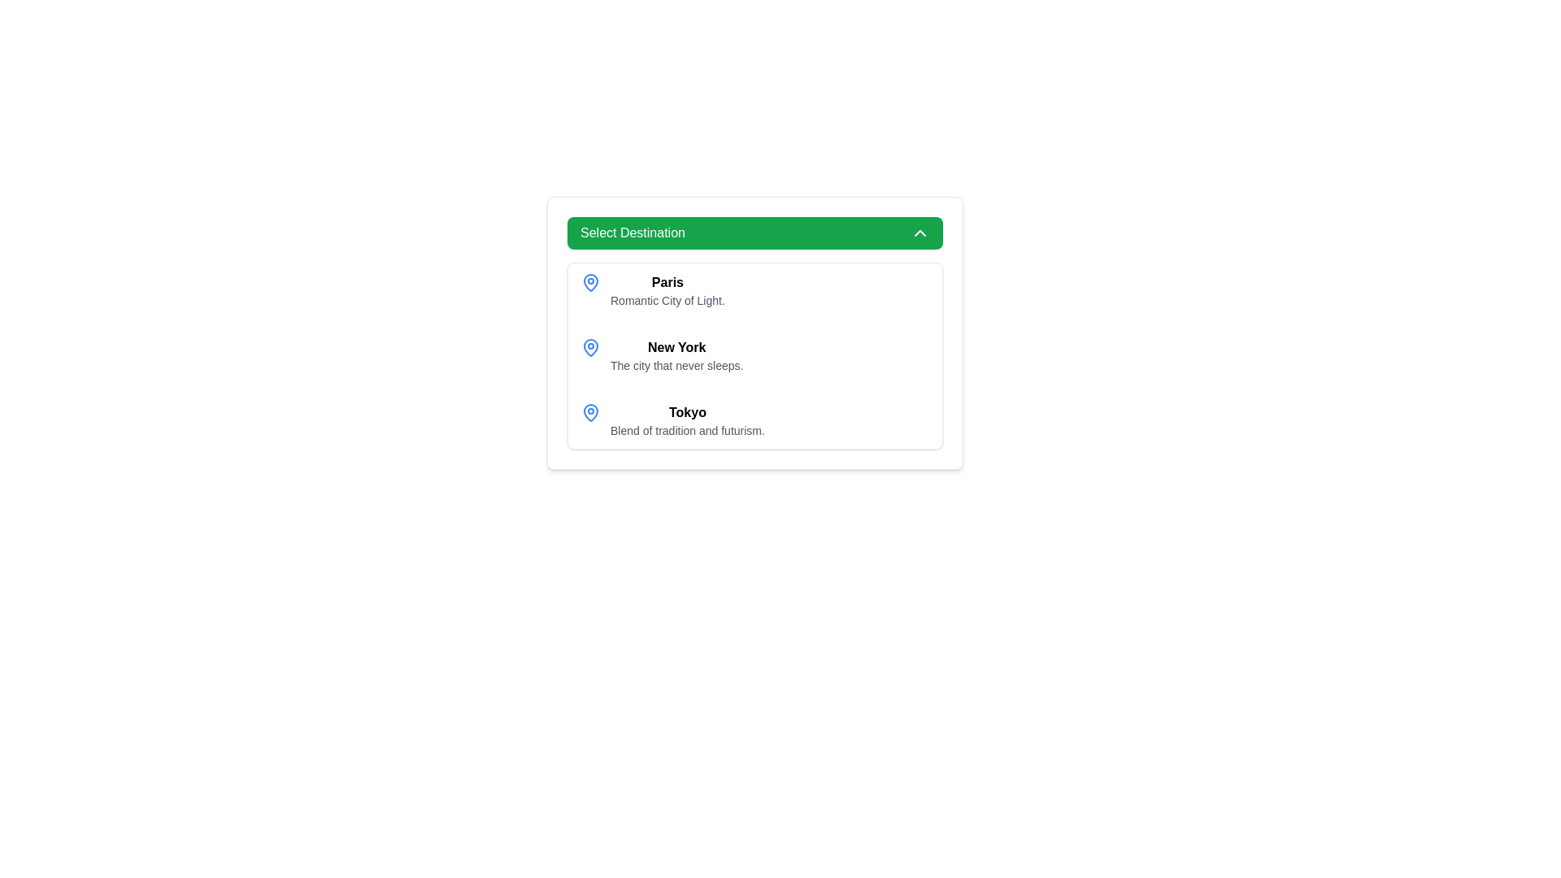  What do you see at coordinates (687, 429) in the screenshot?
I see `descriptive subtitle text located within the dropdown menu under the 'Tokyo' option, which provides additional context about the selection` at bounding box center [687, 429].